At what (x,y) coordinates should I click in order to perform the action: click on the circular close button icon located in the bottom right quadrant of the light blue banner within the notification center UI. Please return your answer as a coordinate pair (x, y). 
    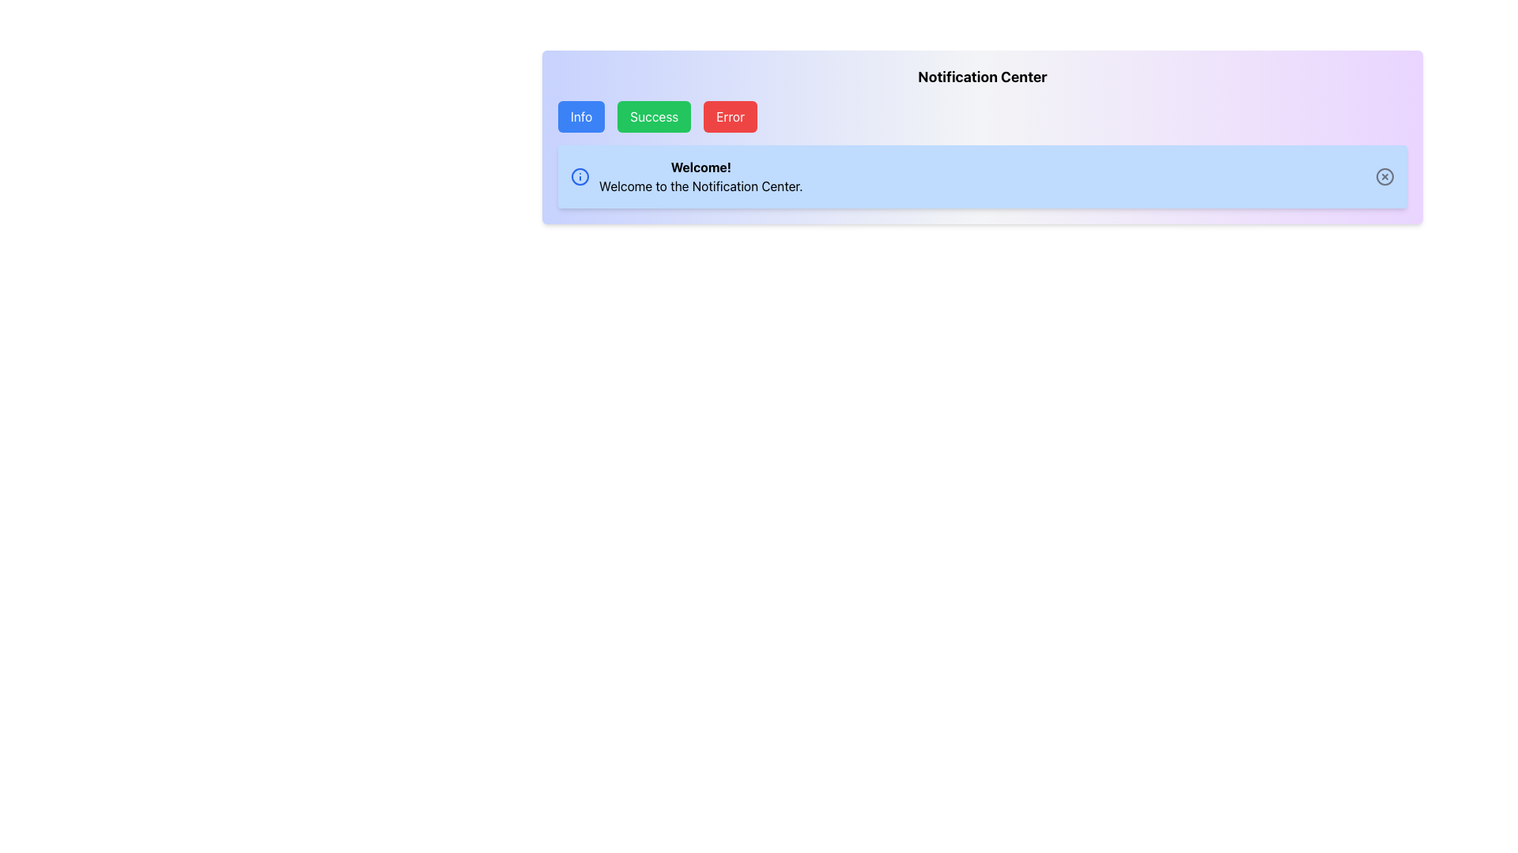
    Looking at the image, I should click on (1384, 176).